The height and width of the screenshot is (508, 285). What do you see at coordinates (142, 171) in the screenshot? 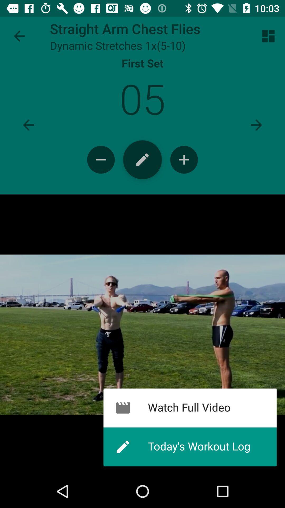
I see `the edit icon` at bounding box center [142, 171].